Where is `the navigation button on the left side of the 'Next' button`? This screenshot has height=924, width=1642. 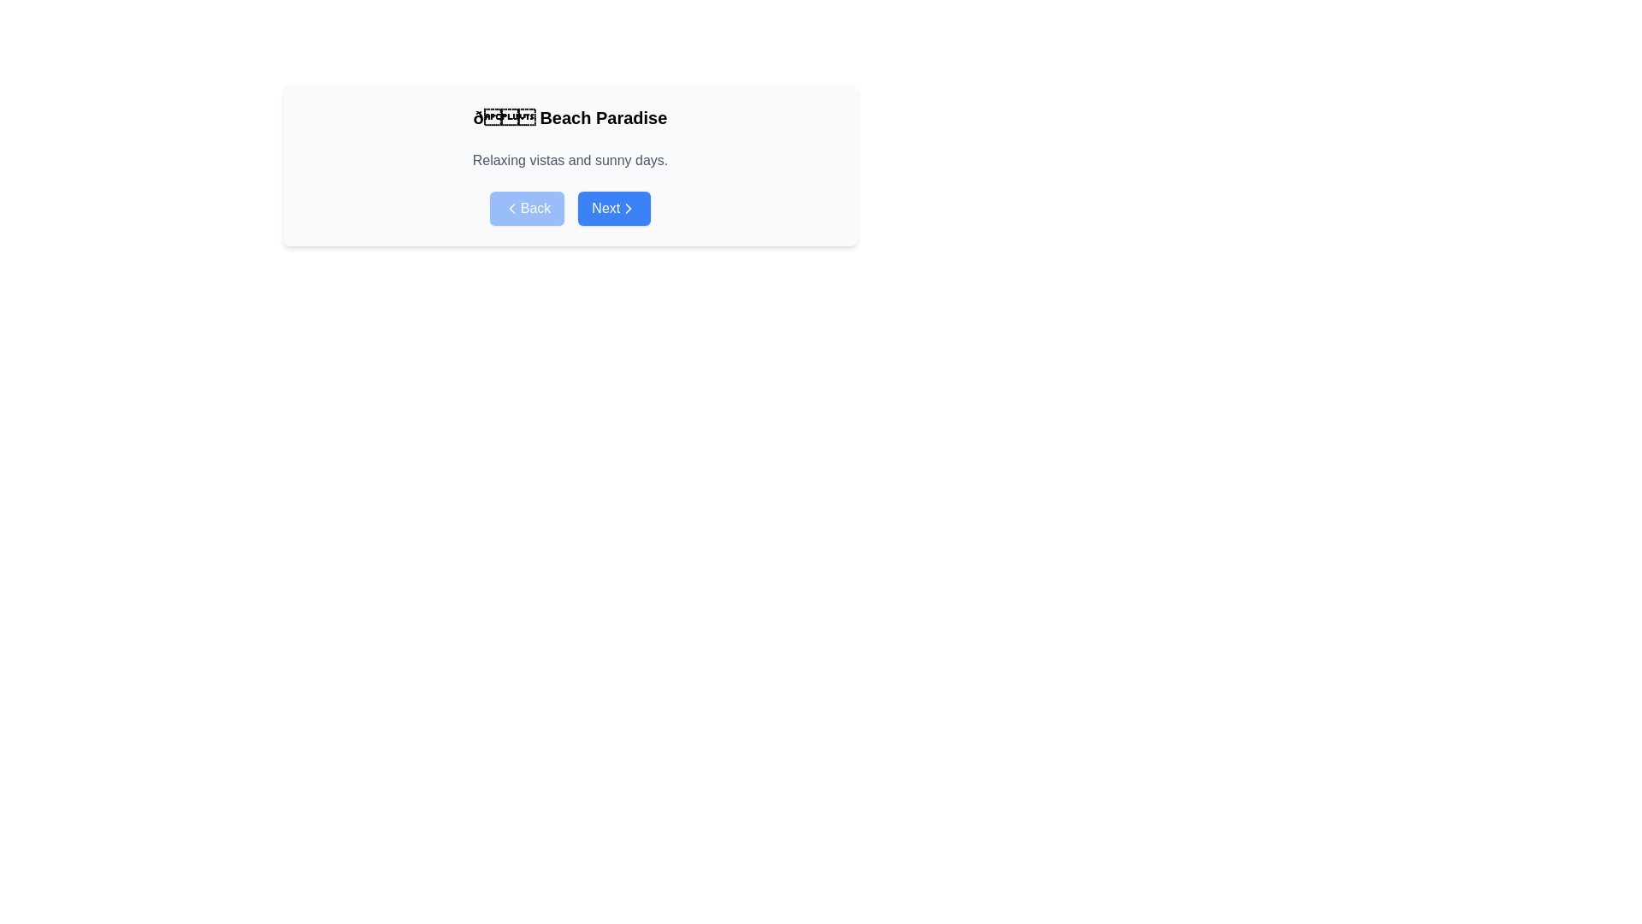 the navigation button on the left side of the 'Next' button is located at coordinates (526, 207).